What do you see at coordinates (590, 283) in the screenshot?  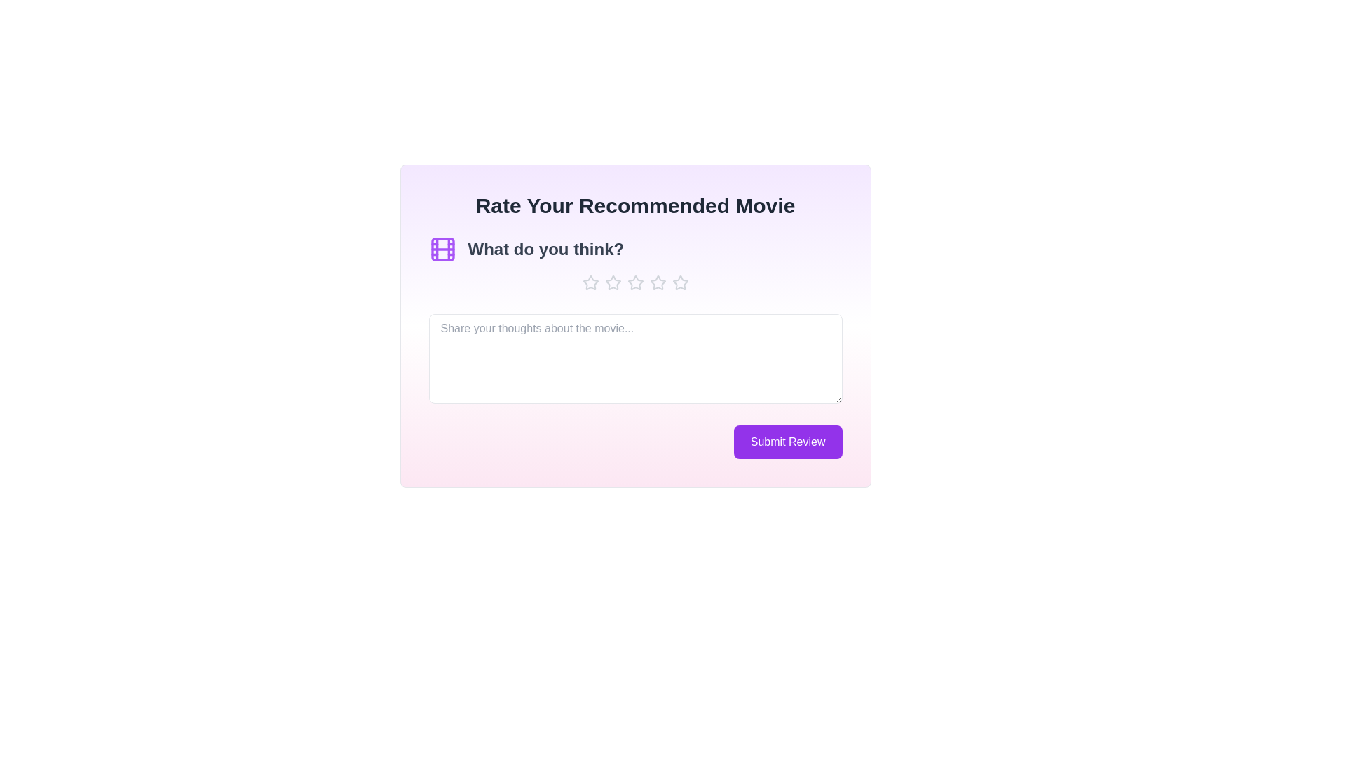 I see `the star icon to set the rating to 1` at bounding box center [590, 283].